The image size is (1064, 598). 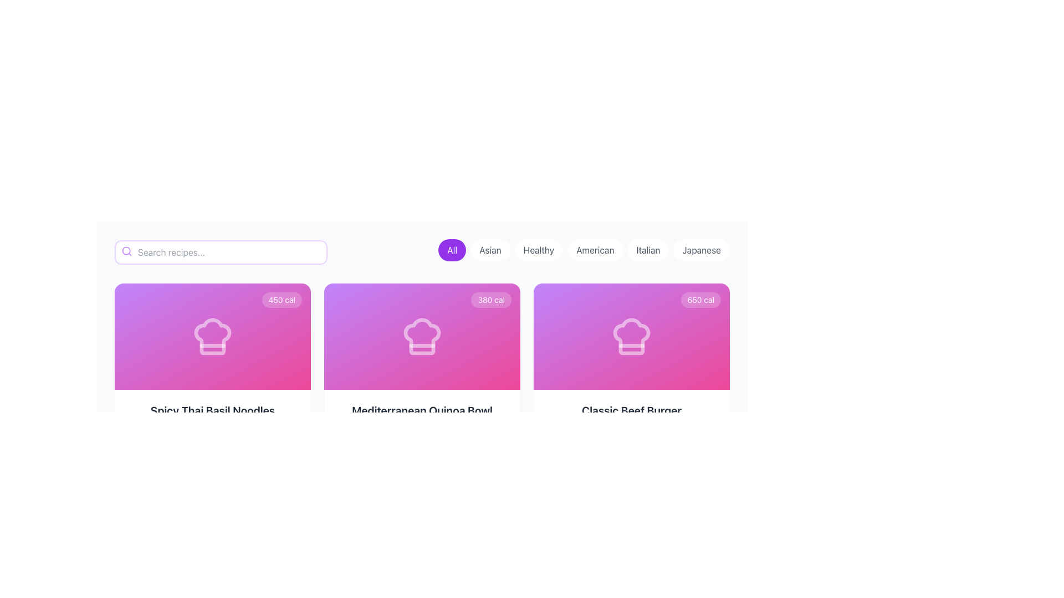 I want to click on the 'American' button to activate it, so click(x=595, y=250).